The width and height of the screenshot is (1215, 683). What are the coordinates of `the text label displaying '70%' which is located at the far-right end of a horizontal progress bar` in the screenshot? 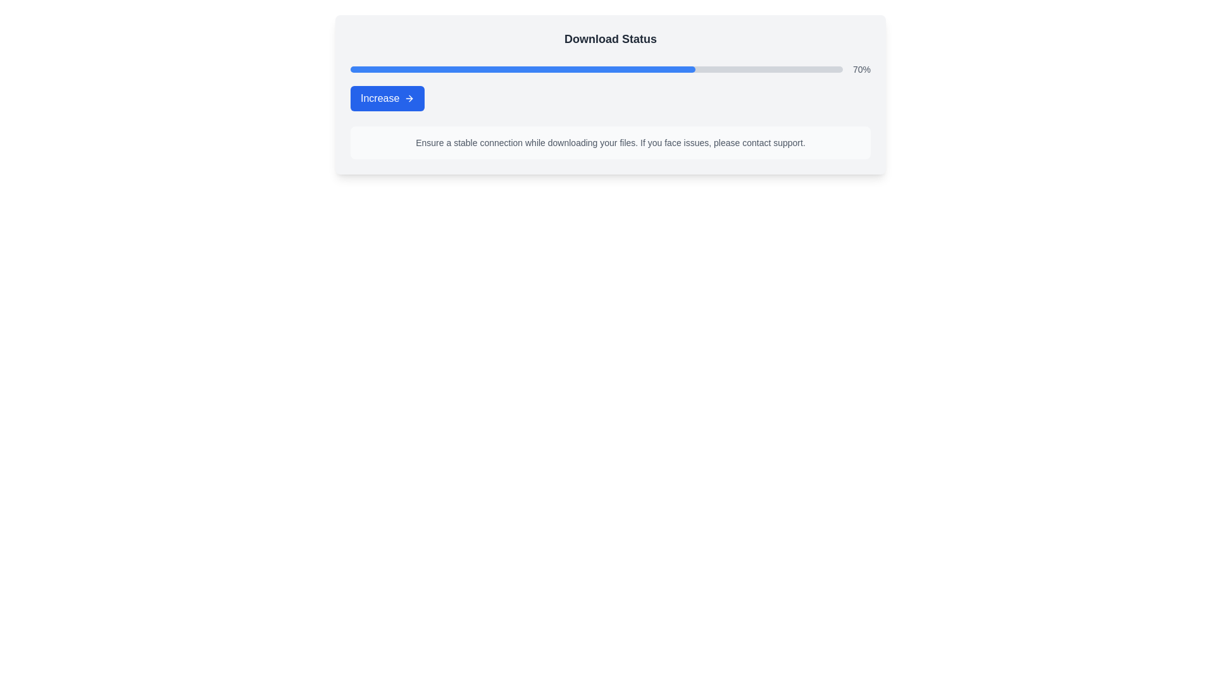 It's located at (861, 70).